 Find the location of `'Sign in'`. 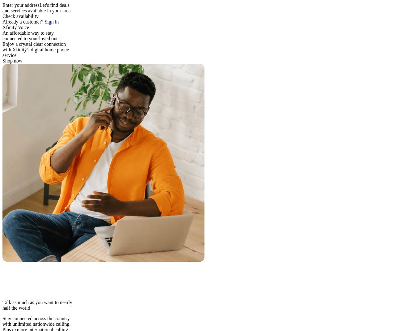

'Sign in' is located at coordinates (52, 21).